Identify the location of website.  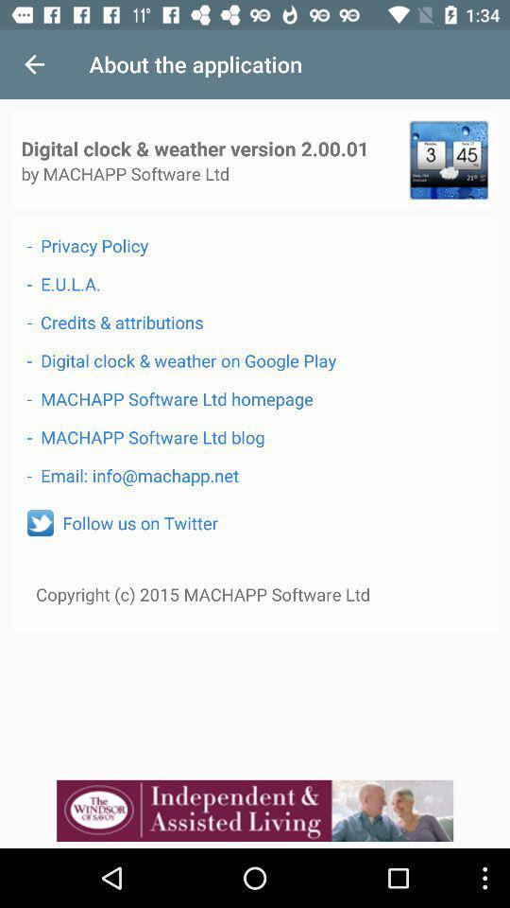
(255, 810).